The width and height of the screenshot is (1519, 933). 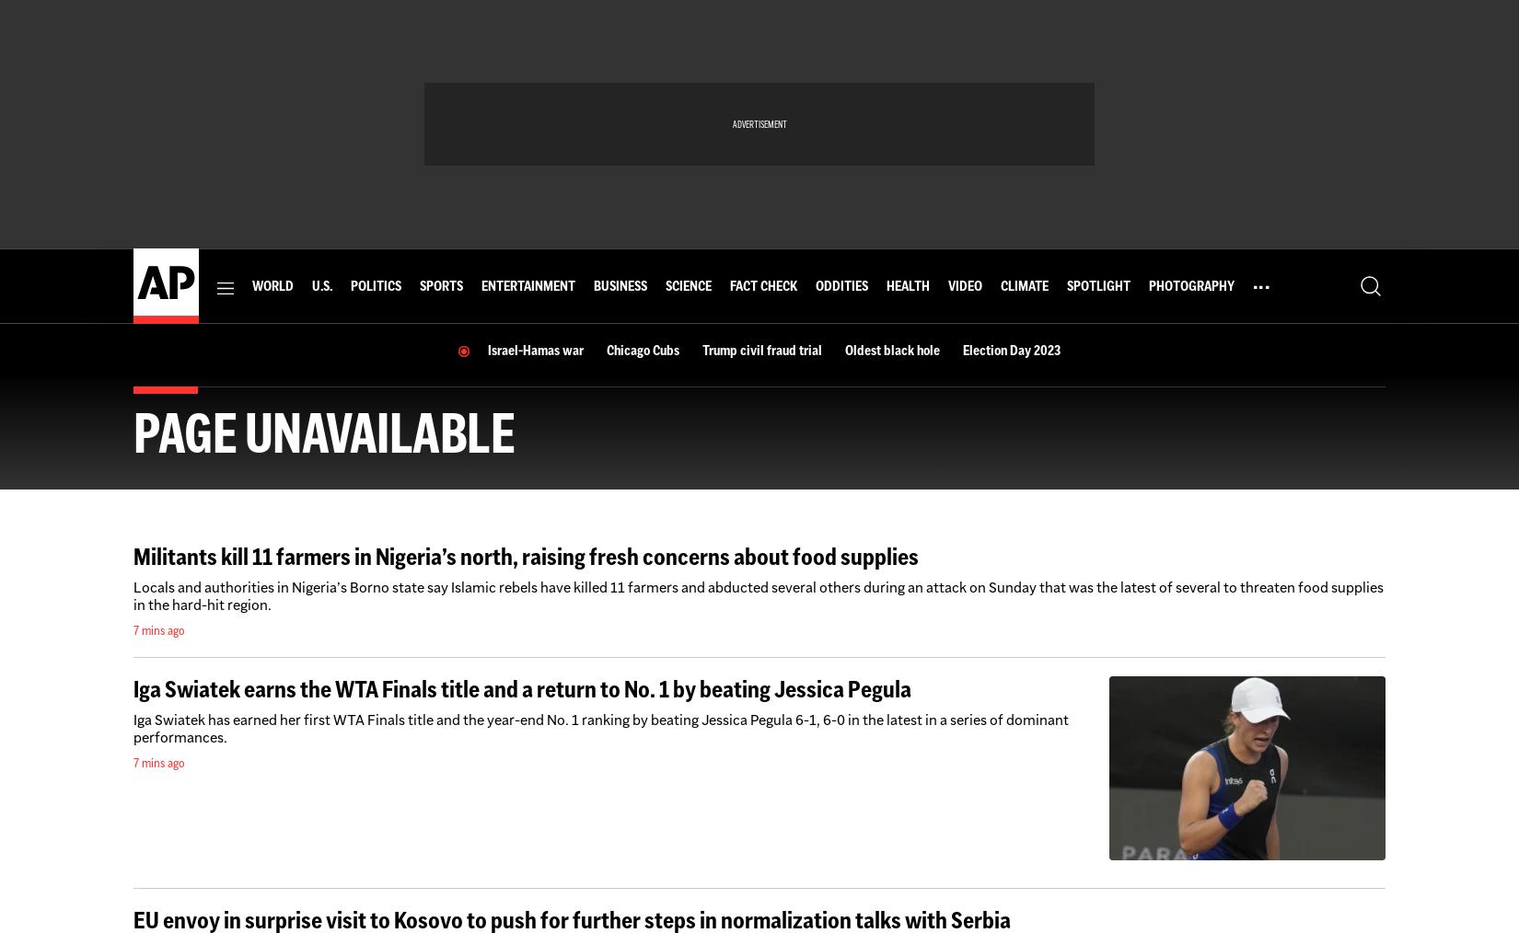 What do you see at coordinates (891, 349) in the screenshot?
I see `'Oldest black hole'` at bounding box center [891, 349].